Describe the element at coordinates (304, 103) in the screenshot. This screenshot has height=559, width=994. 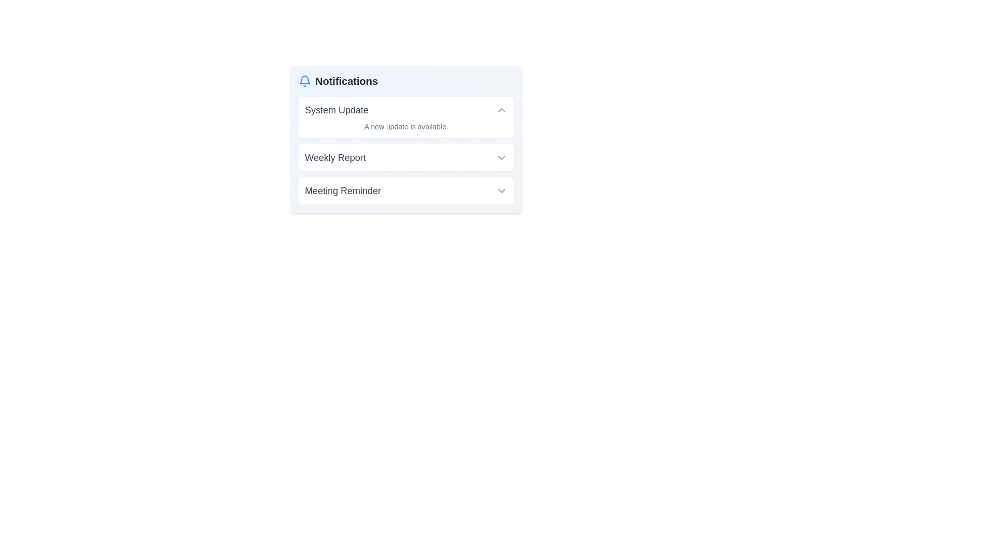
I see `the text of the notification titled 'System Update'` at that location.